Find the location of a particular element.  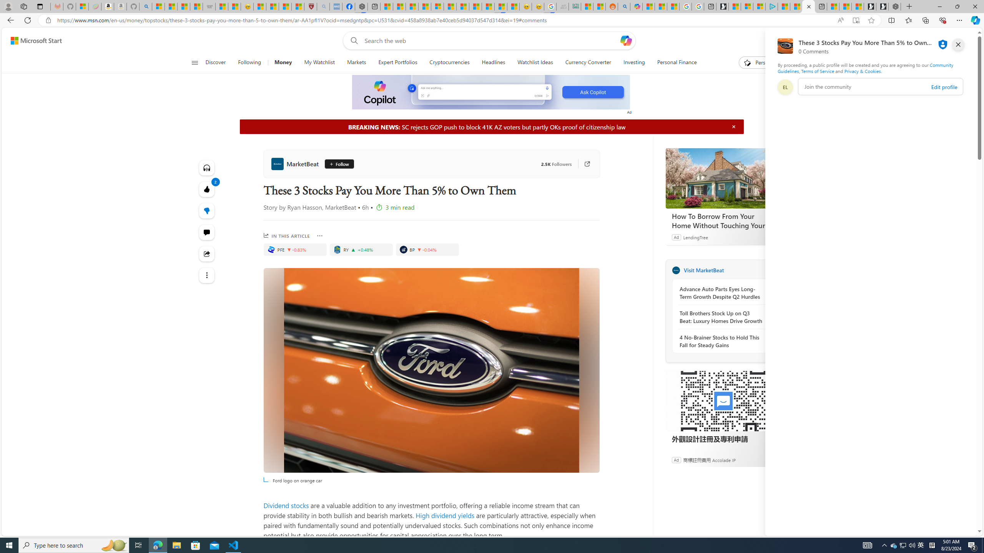

'Currency Converter' is located at coordinates (587, 62).